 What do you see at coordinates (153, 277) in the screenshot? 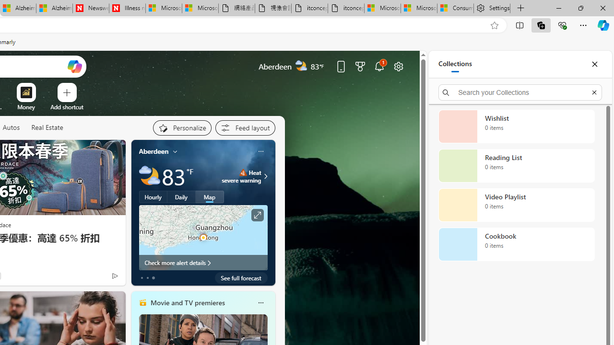
I see `'tab-2'` at bounding box center [153, 277].